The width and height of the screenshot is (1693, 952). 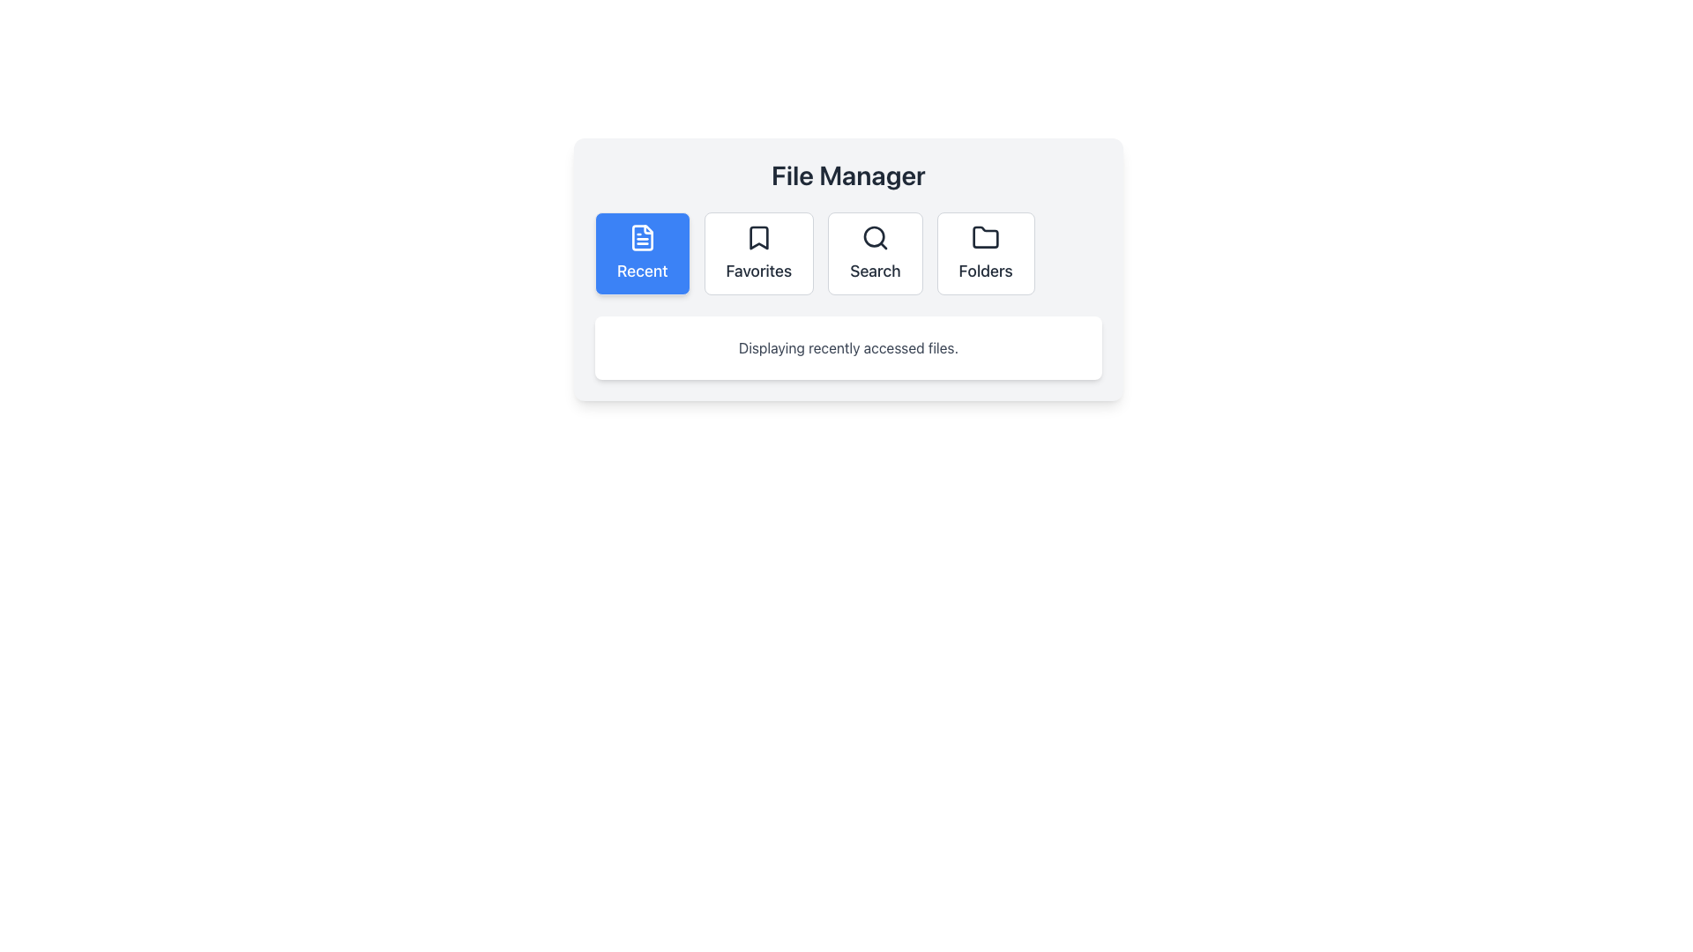 What do you see at coordinates (641, 238) in the screenshot?
I see `the 'Recent' button, which contains a small document icon with a white outline on a blue circular background` at bounding box center [641, 238].